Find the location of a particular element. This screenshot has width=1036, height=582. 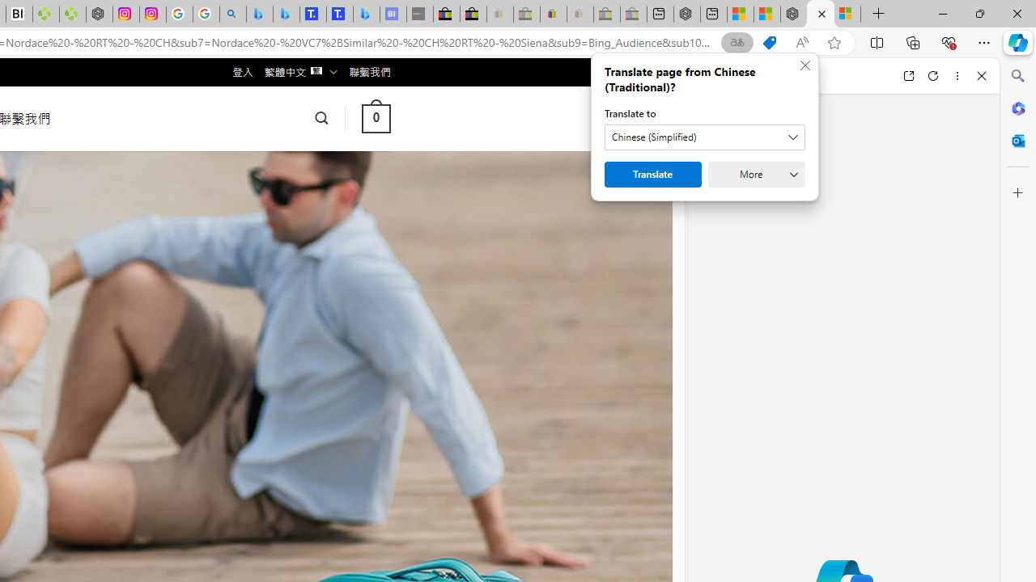

'This site has coupons! Shopping in Microsoft Edge' is located at coordinates (769, 42).